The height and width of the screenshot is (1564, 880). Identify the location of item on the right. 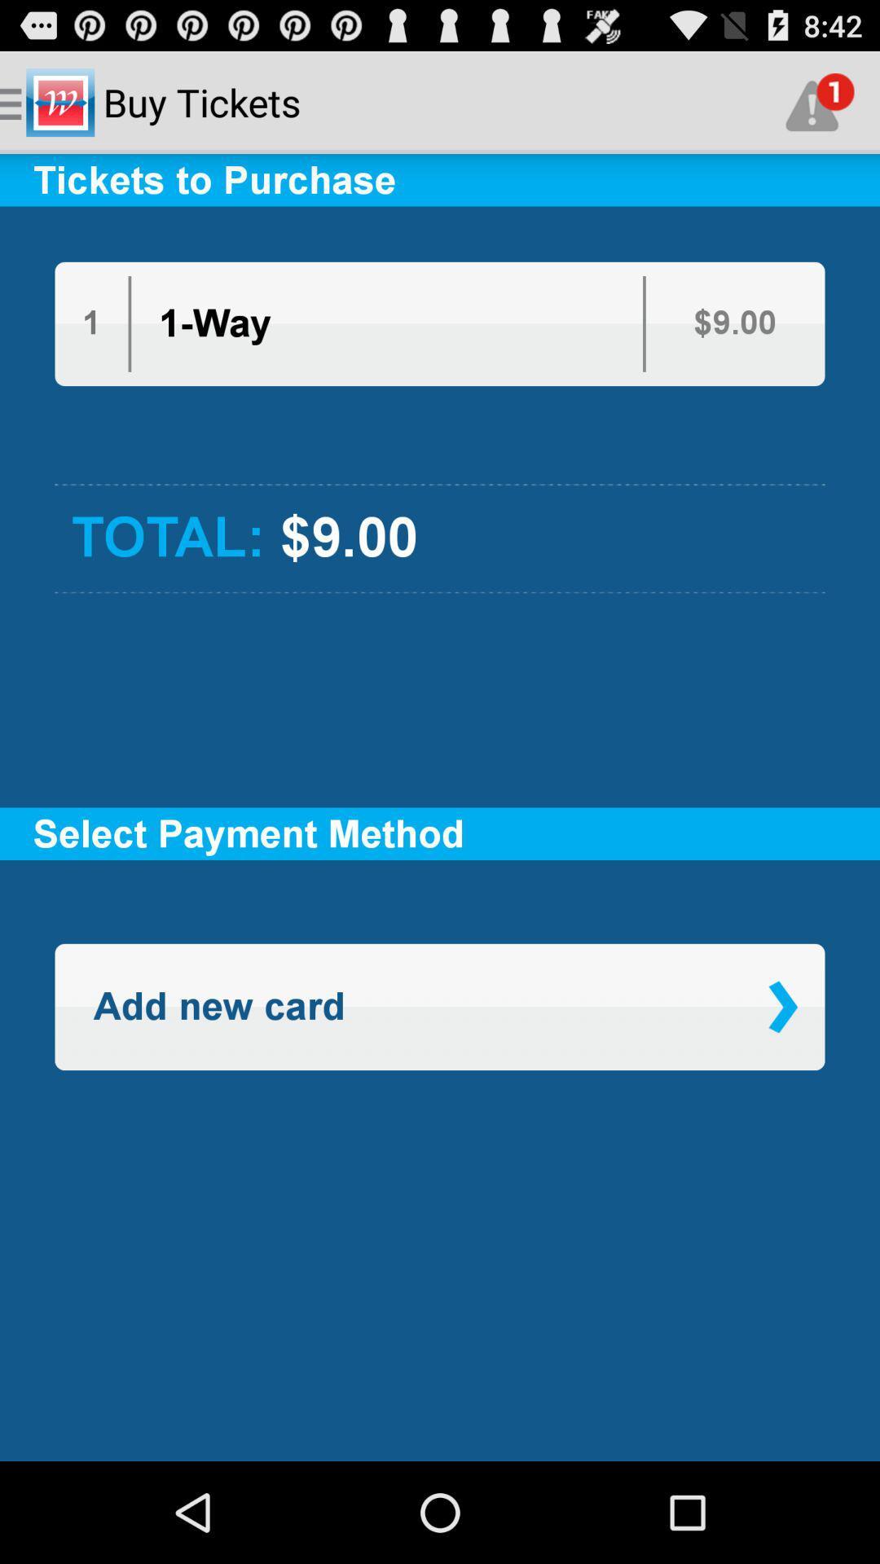
(782, 1006).